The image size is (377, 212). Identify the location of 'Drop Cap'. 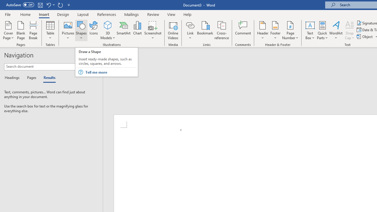
(350, 30).